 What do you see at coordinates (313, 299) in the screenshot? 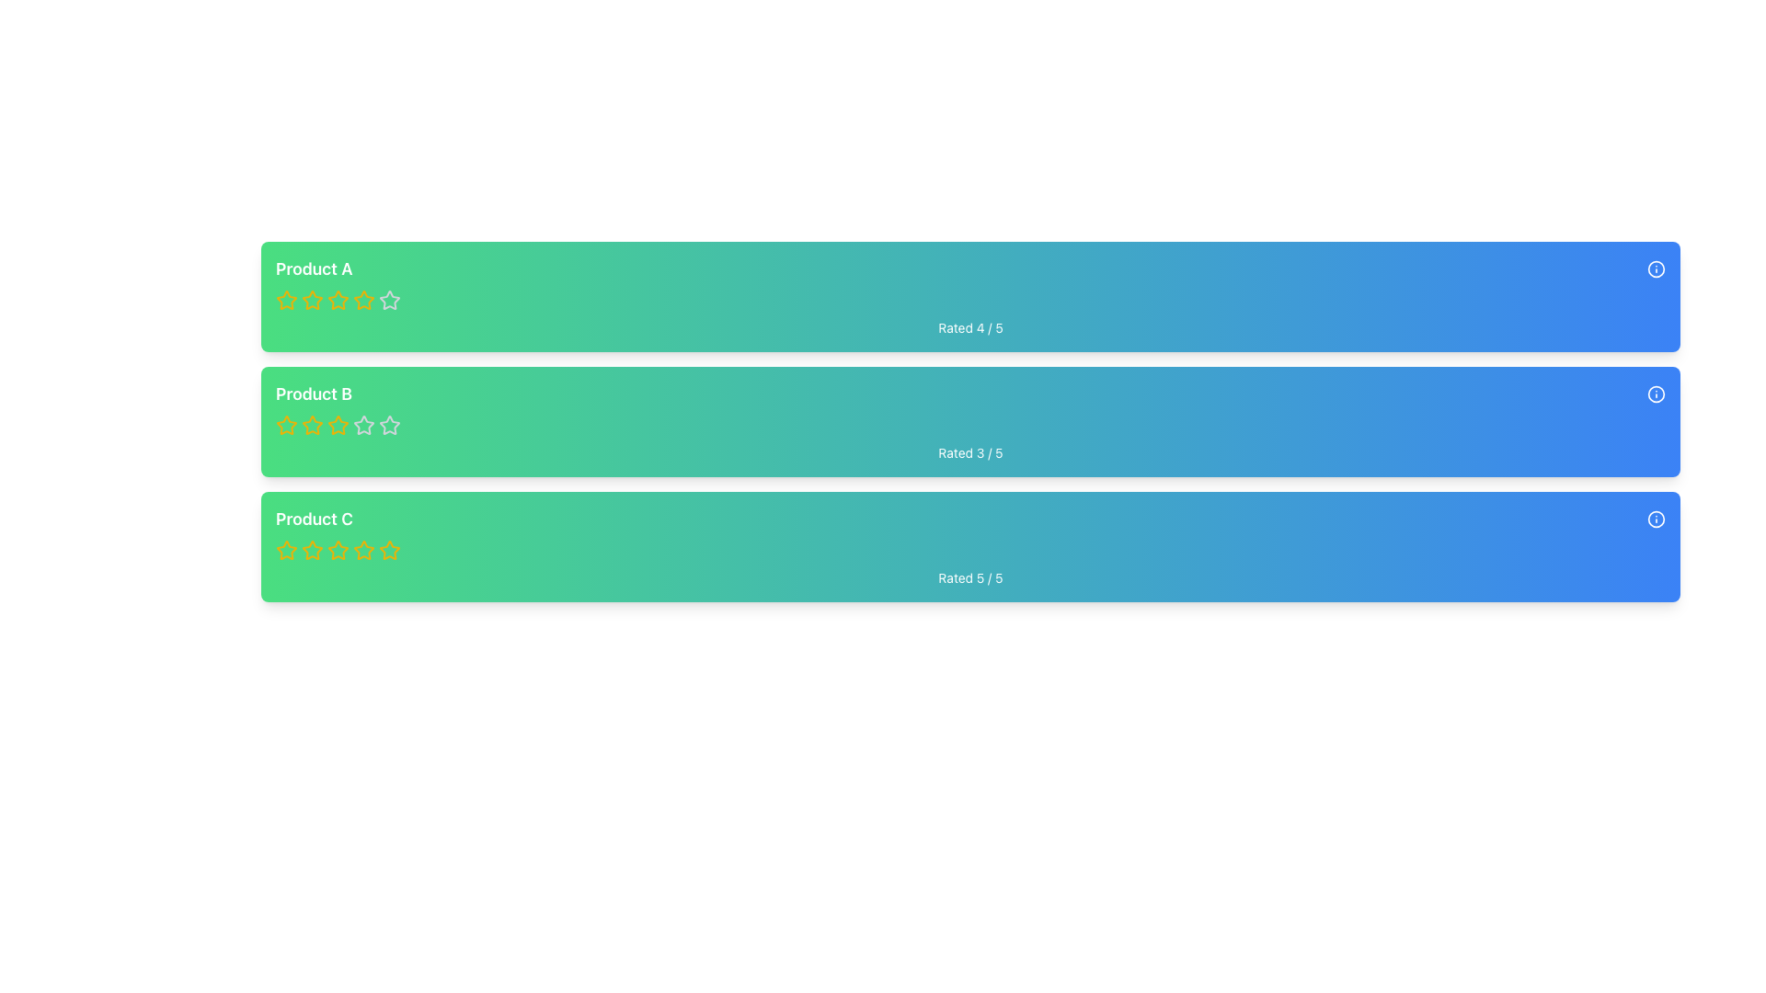
I see `the second star icon in the 5-star rating system for 'Product A'` at bounding box center [313, 299].